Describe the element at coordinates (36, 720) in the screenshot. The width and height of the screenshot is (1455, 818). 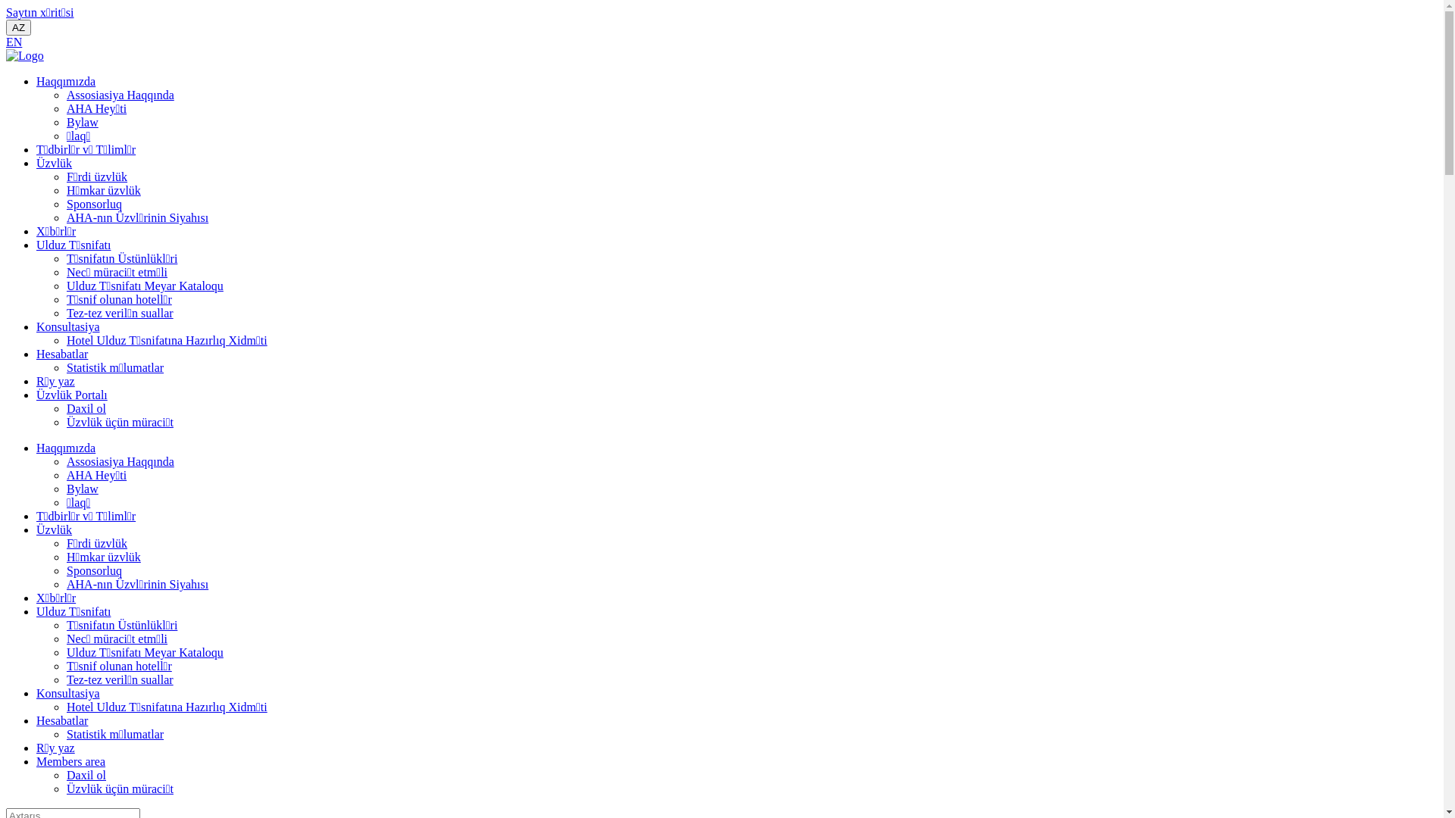
I see `'Hesabatlar'` at that location.